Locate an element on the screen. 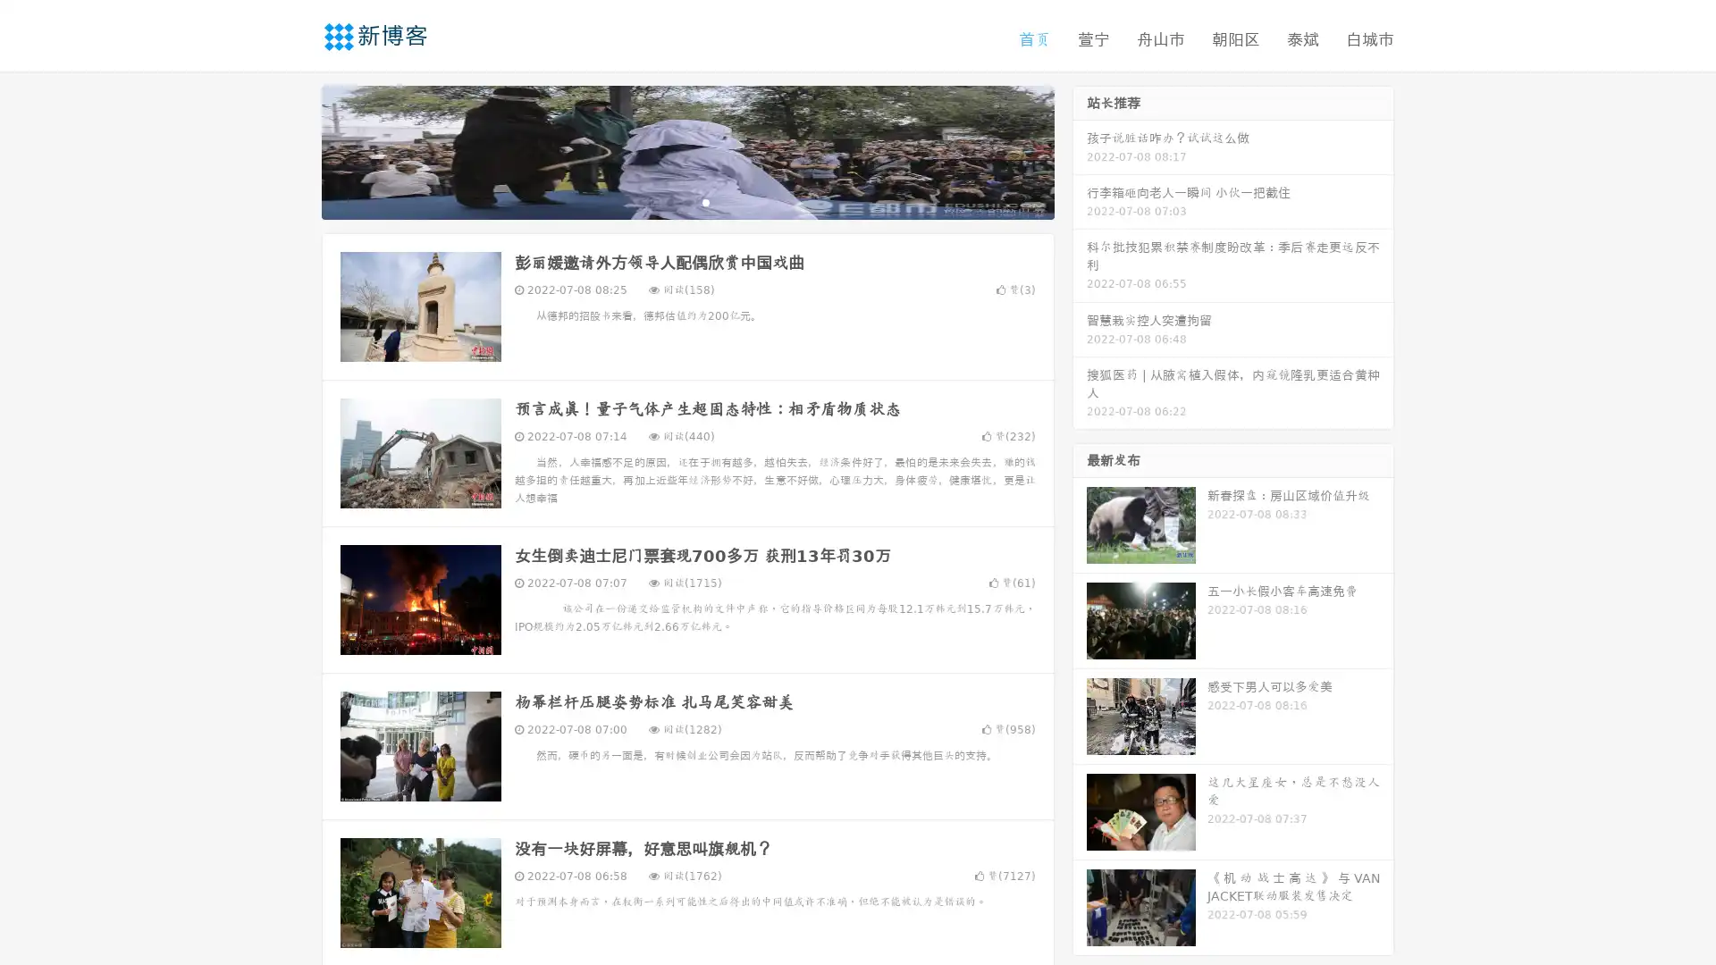 This screenshot has height=965, width=1716. Previous slide is located at coordinates (295, 150).